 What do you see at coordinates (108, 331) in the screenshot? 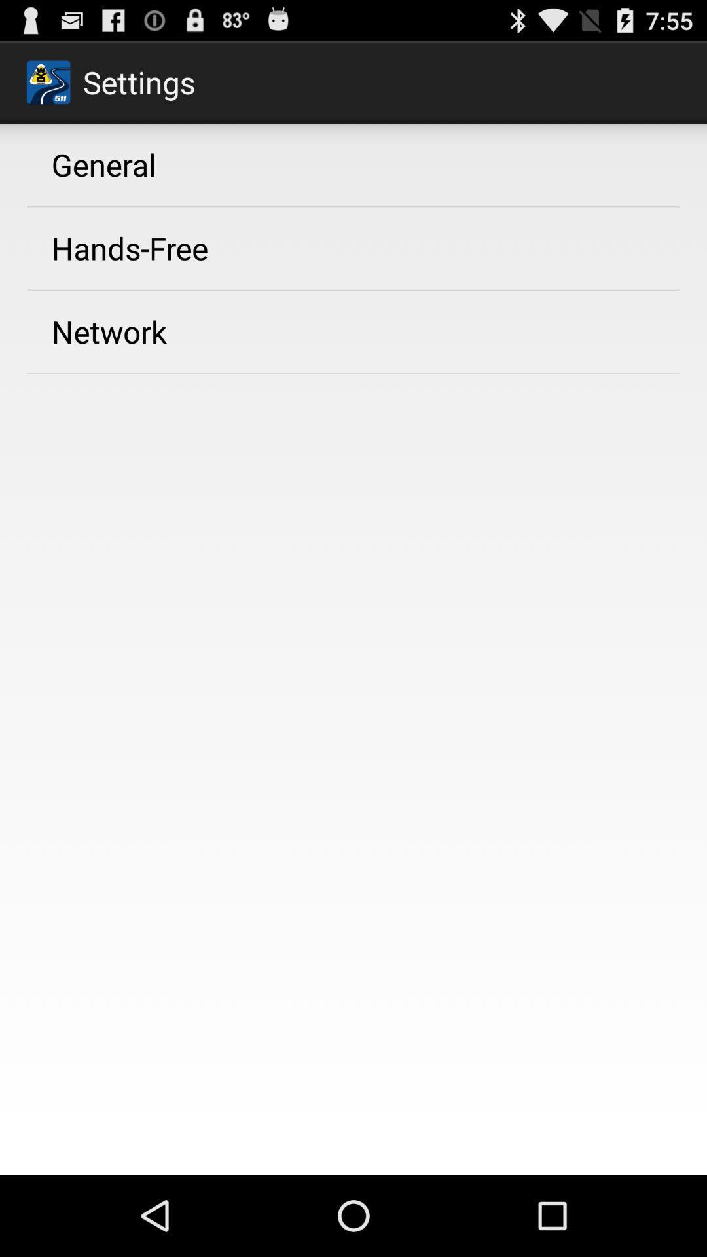
I see `item below hands-free app` at bounding box center [108, 331].